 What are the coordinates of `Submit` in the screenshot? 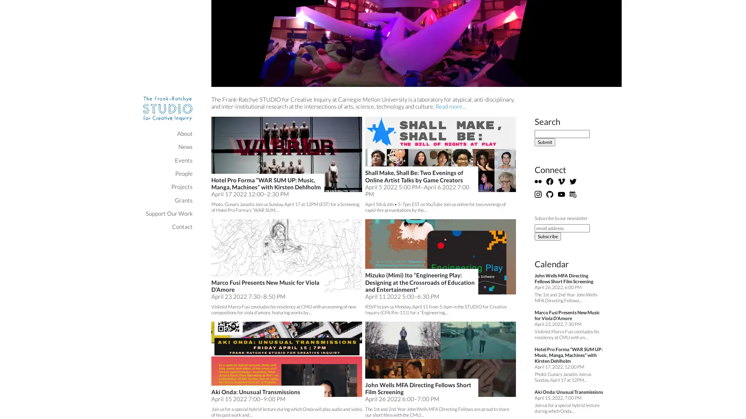 It's located at (544, 142).